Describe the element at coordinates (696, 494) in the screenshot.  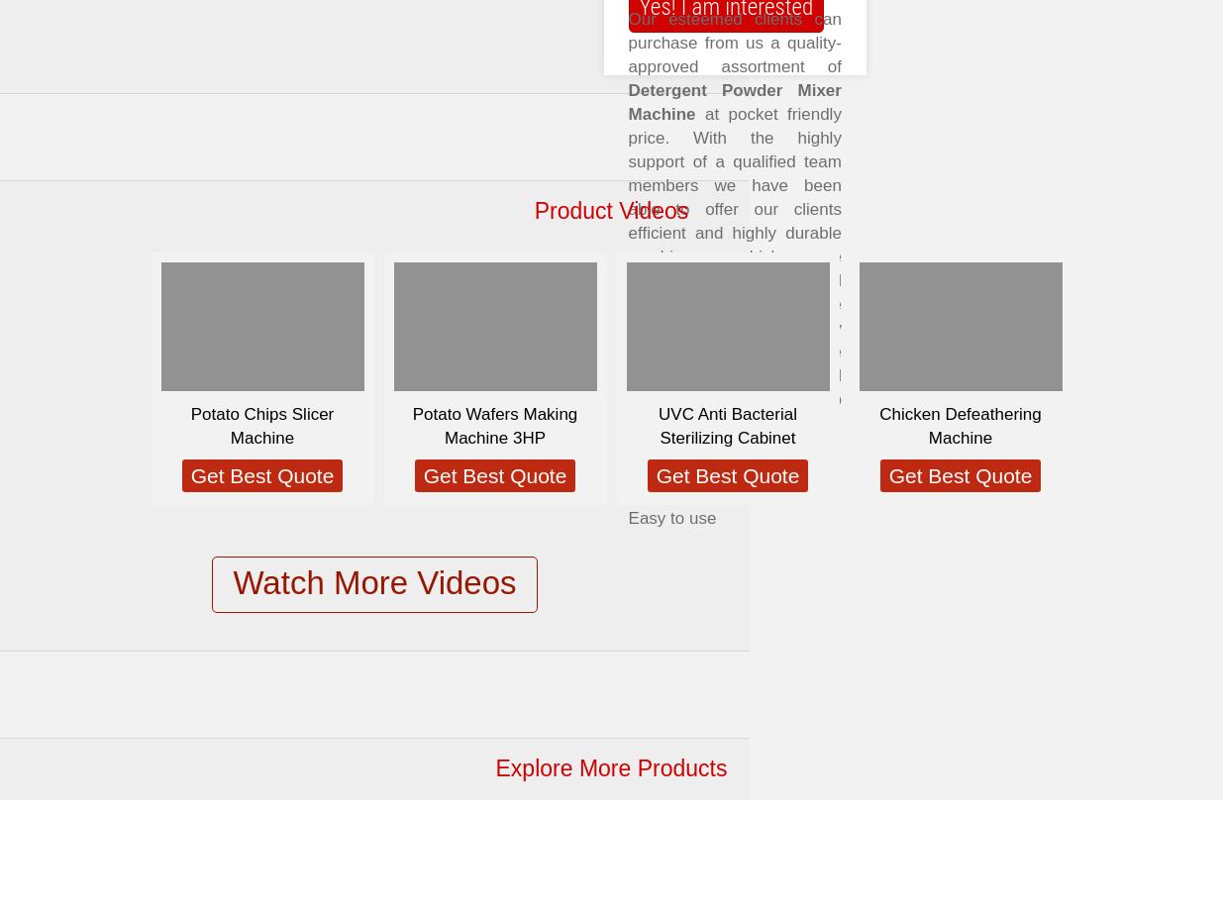
I see `'Easy Maintenance'` at that location.